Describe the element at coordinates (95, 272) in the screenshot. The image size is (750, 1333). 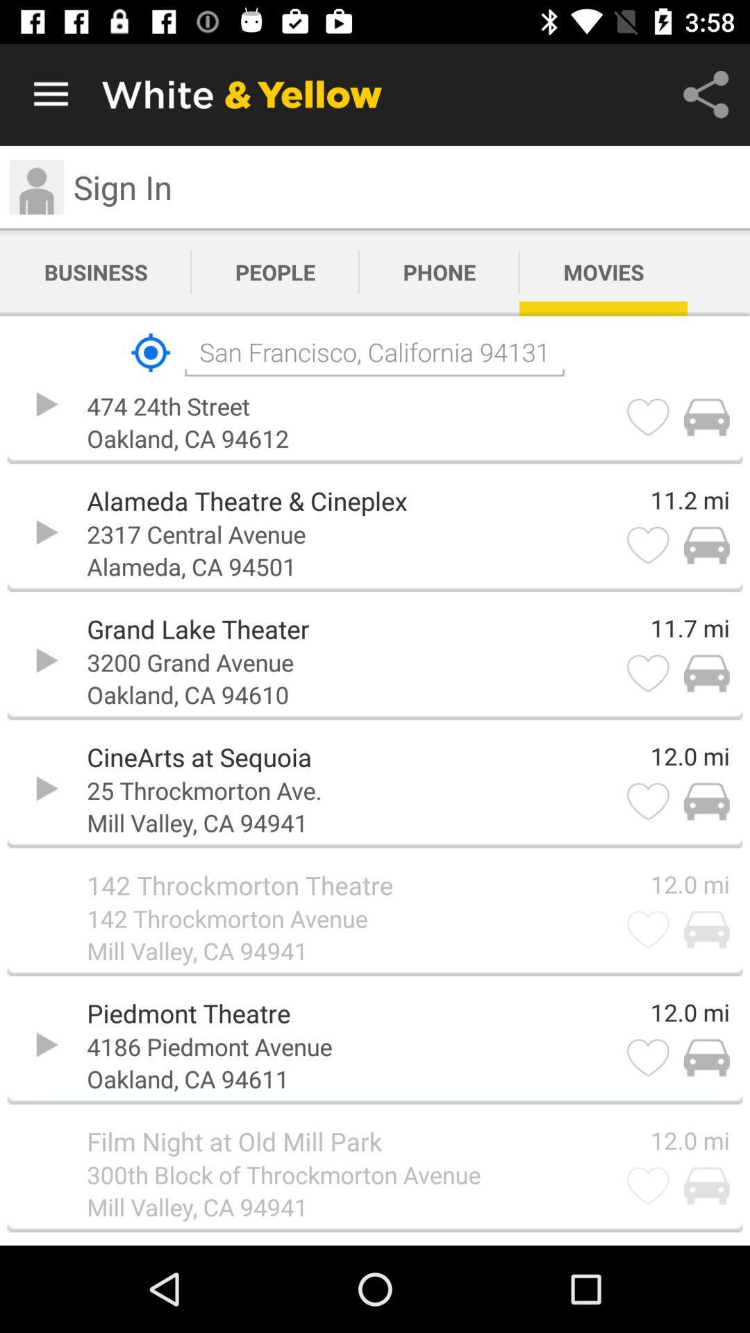
I see `app next to people icon` at that location.